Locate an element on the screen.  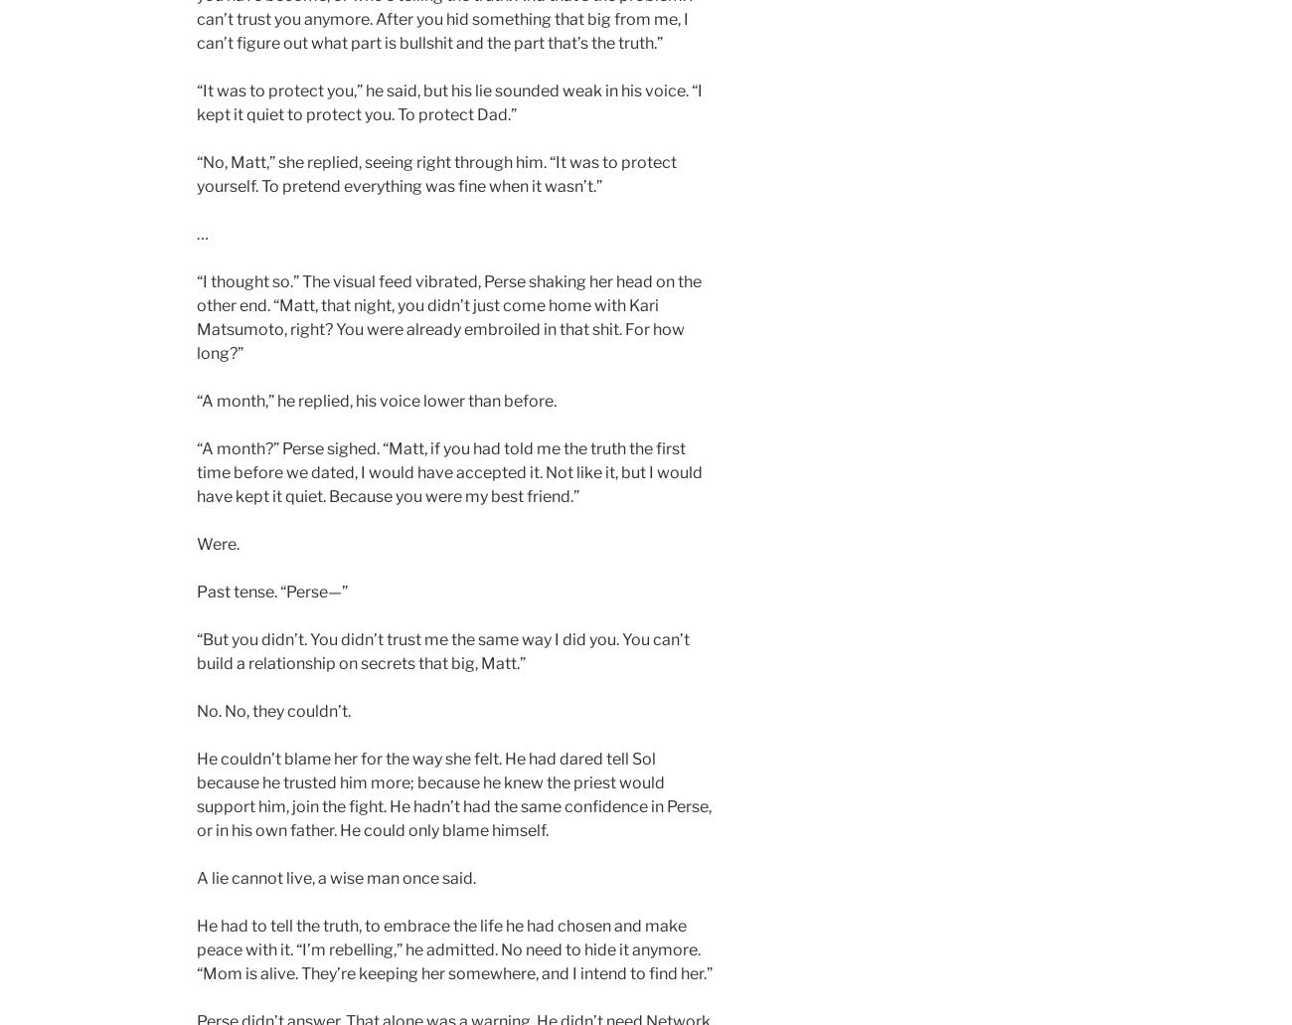
'He had to tell the truth, to embrace the life he had chosen and make peace with it. “I’m rebelling,” he admitted. No need to hide it anymore. “Mom is alive. They’re keeping her somewhere, and I intend to find her.”' is located at coordinates (453, 948).